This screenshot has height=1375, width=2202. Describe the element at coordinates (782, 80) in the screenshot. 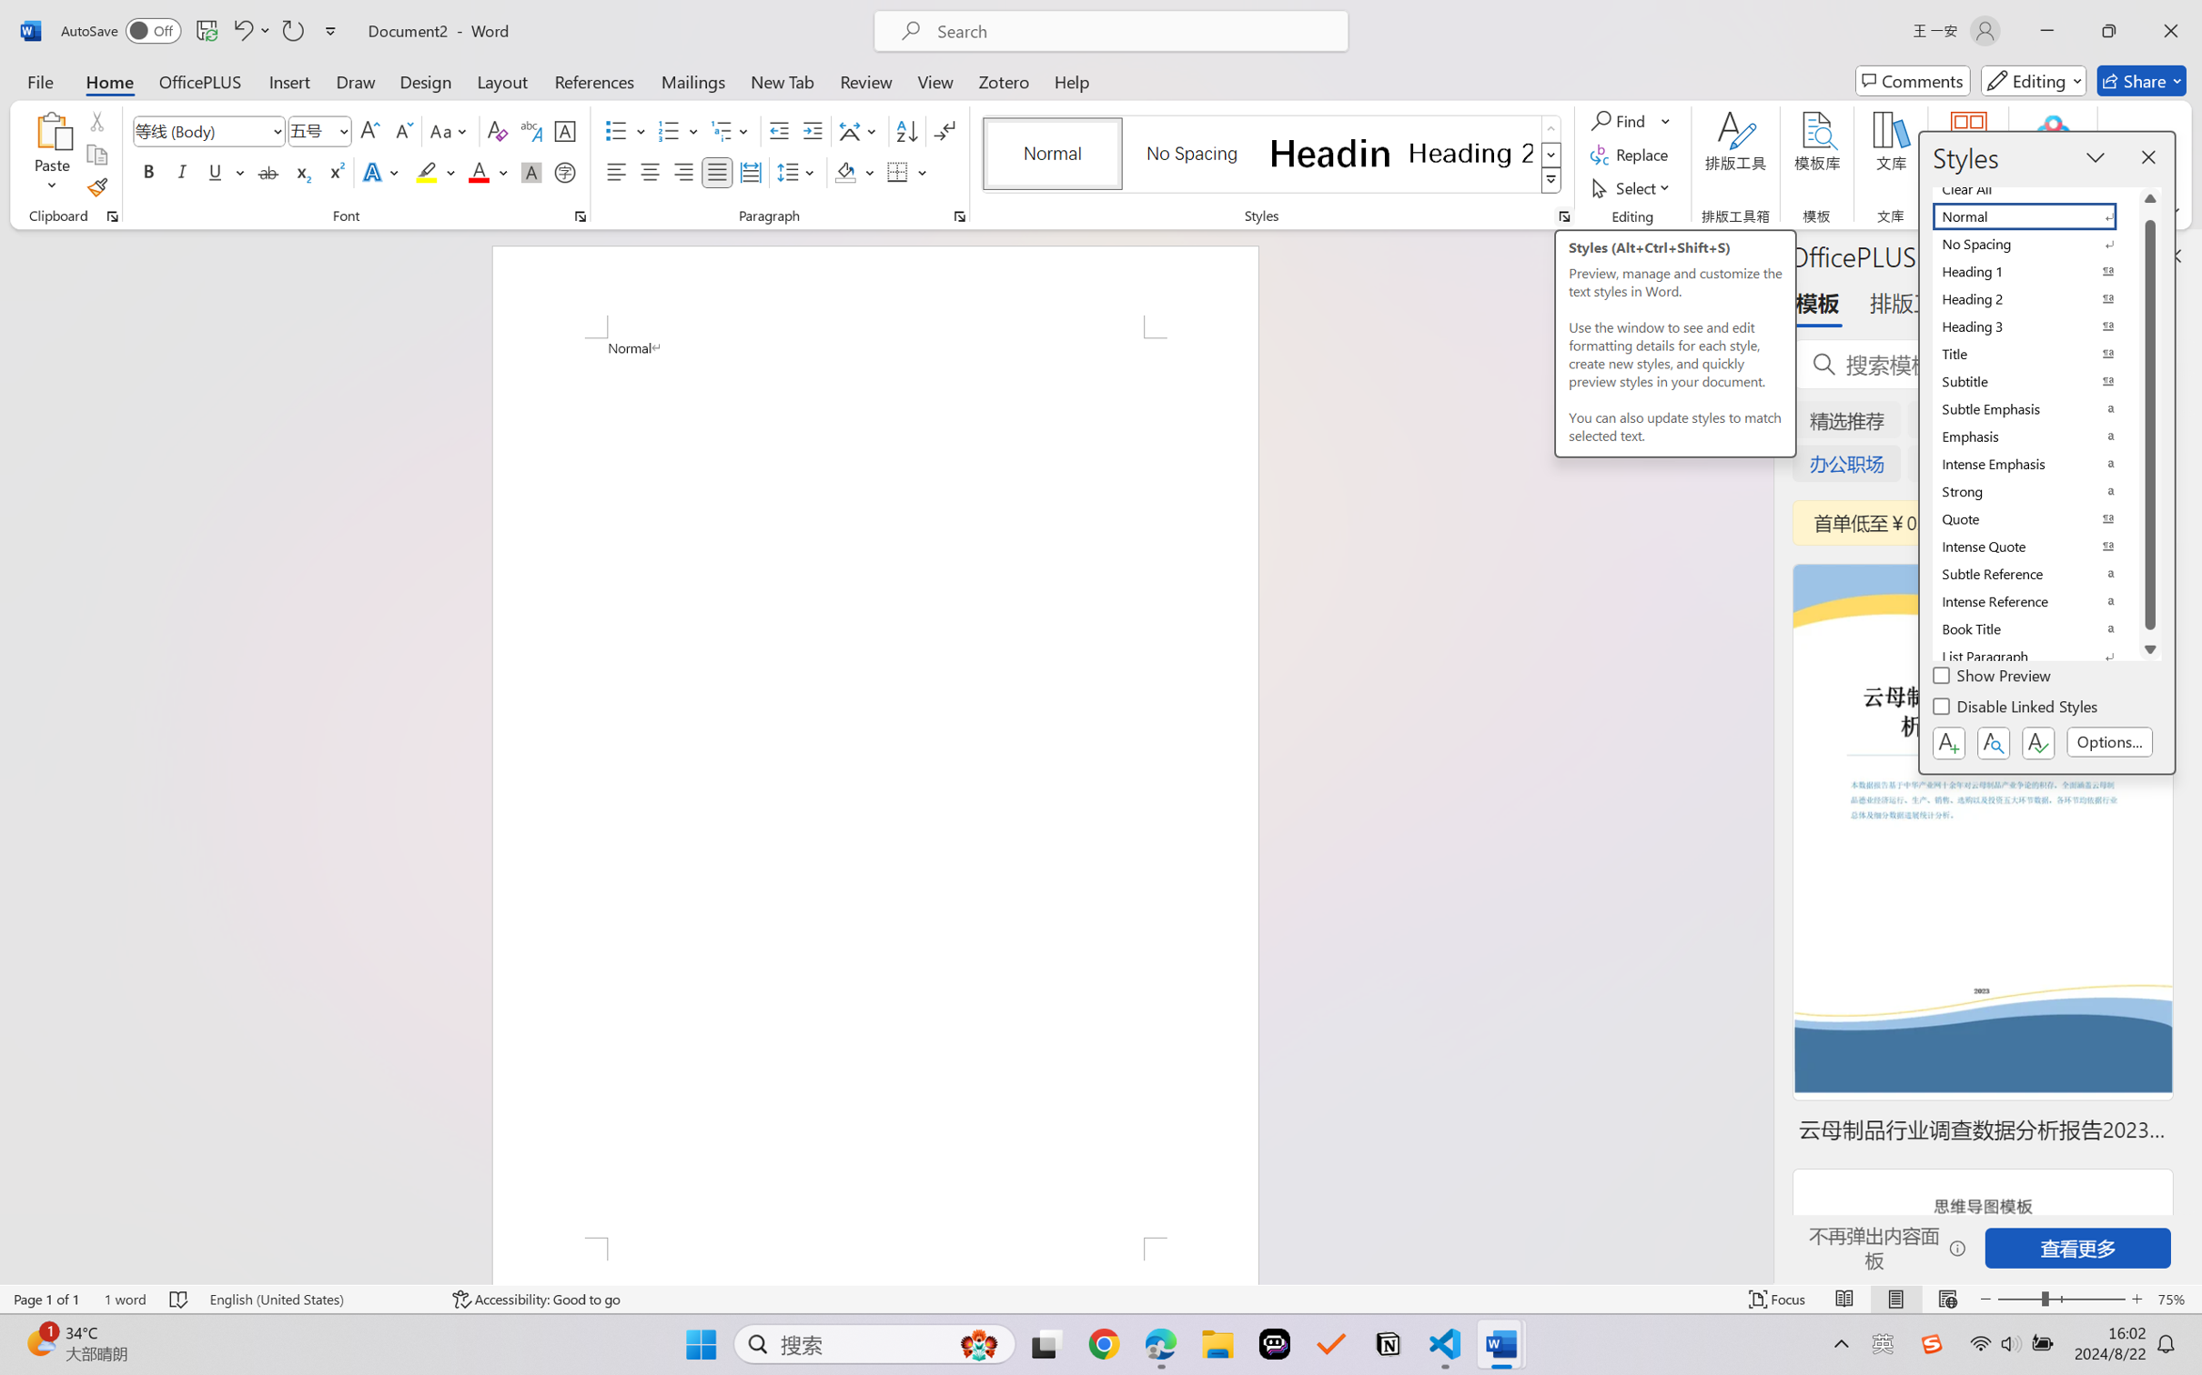

I see `'New Tab'` at that location.